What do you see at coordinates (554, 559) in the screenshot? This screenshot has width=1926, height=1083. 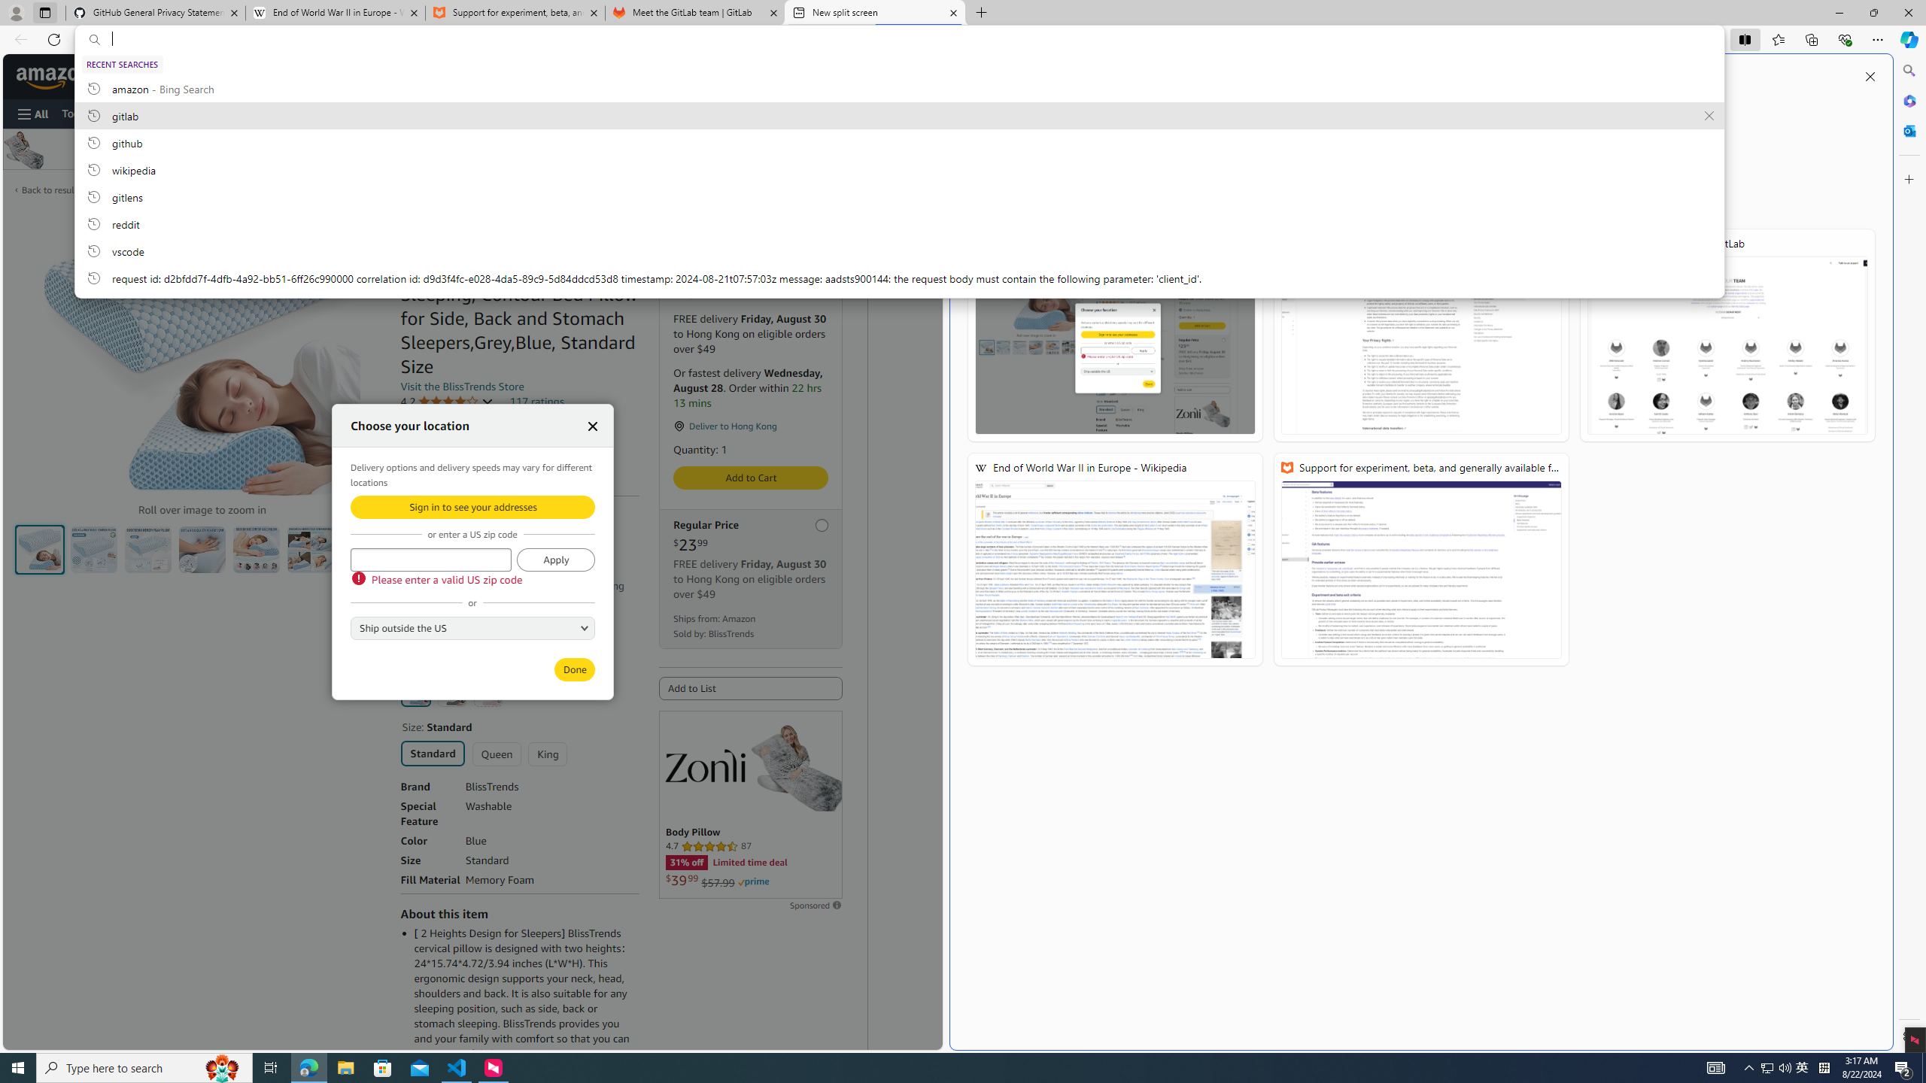 I see `'Apply'` at bounding box center [554, 559].